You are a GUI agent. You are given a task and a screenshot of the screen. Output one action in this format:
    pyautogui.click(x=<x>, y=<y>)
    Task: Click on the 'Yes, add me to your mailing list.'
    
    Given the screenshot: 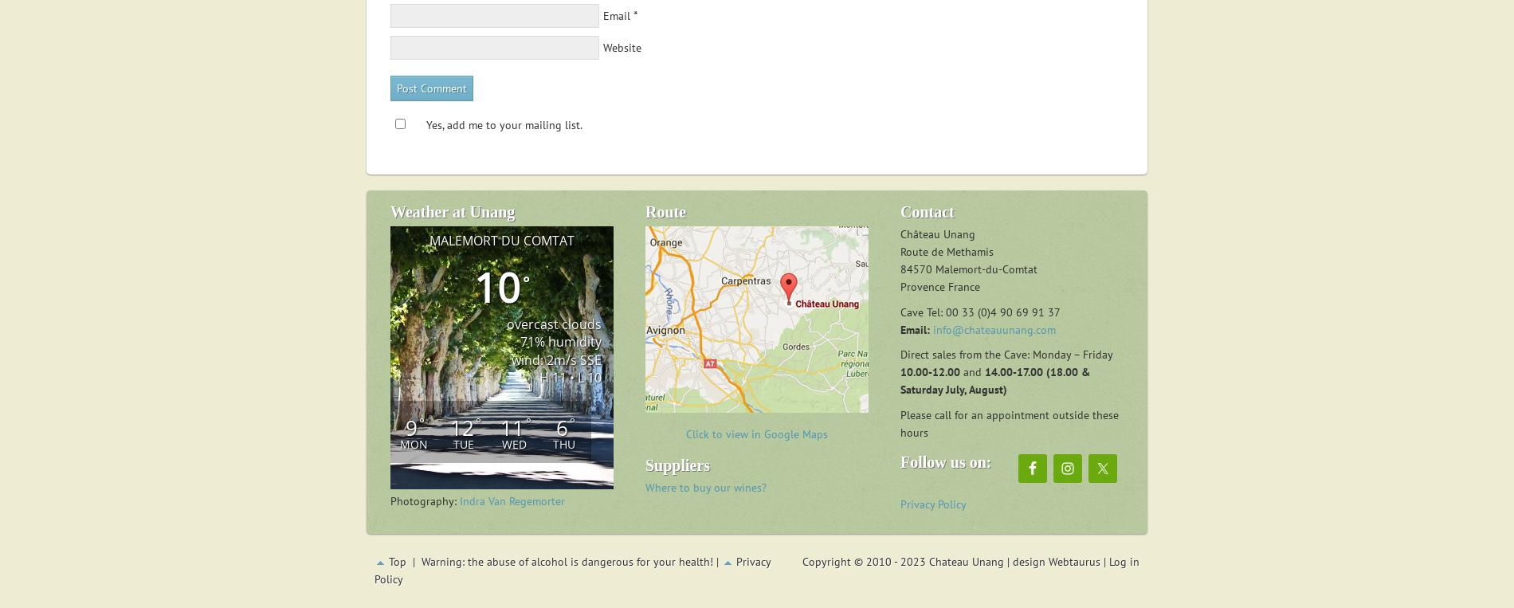 What is the action you would take?
    pyautogui.click(x=426, y=124)
    